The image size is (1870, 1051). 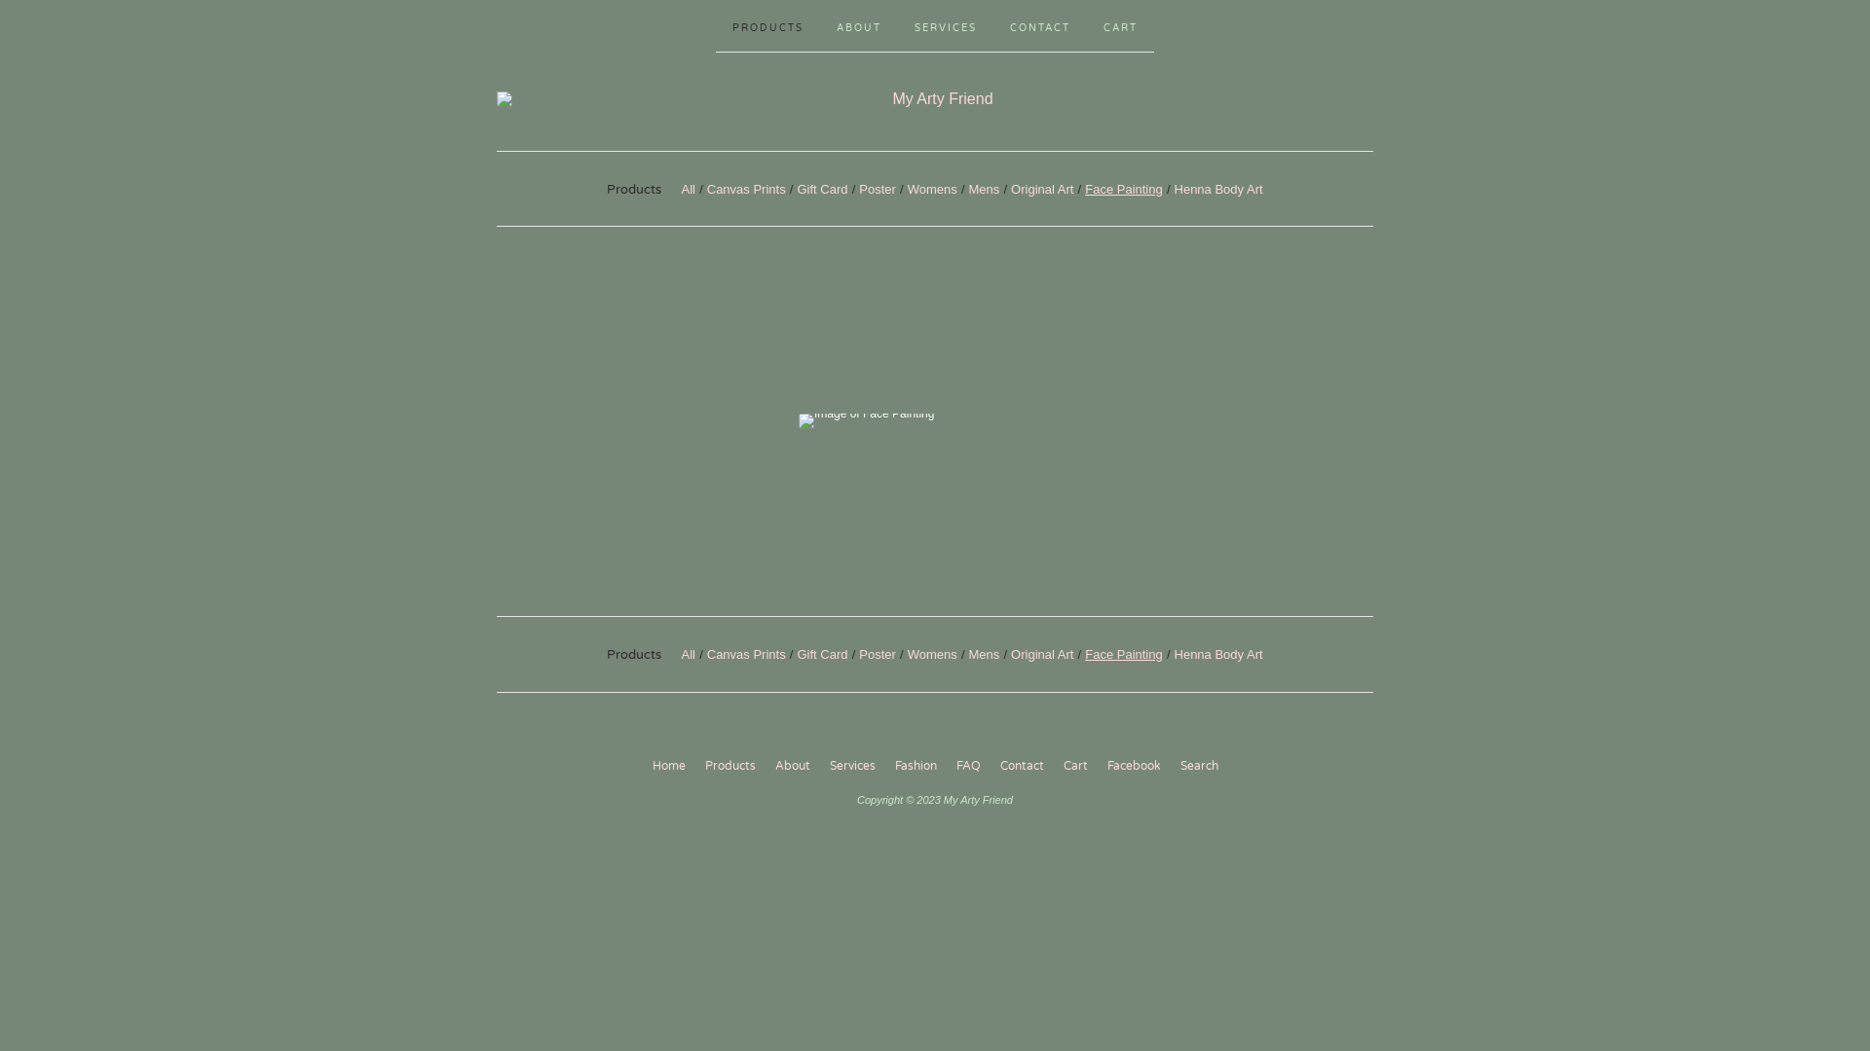 I want to click on 'Cart', so click(x=1074, y=765).